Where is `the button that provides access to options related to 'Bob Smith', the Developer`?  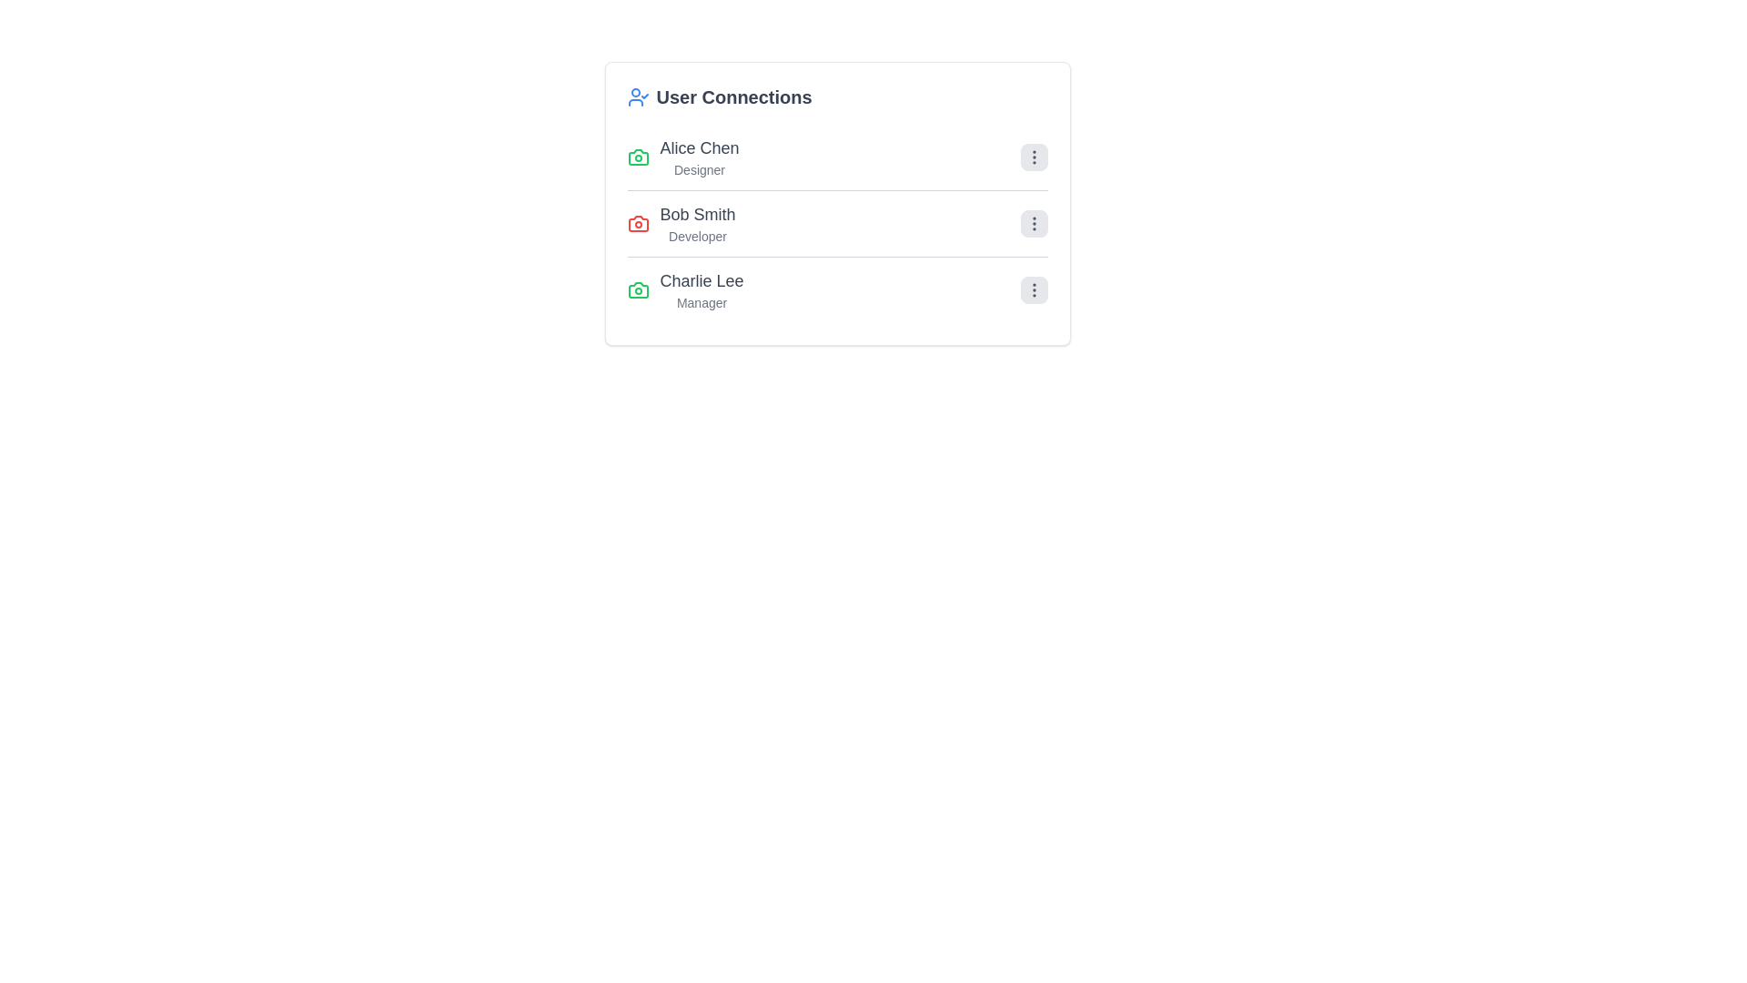 the button that provides access to options related to 'Bob Smith', the Developer is located at coordinates (1034, 223).